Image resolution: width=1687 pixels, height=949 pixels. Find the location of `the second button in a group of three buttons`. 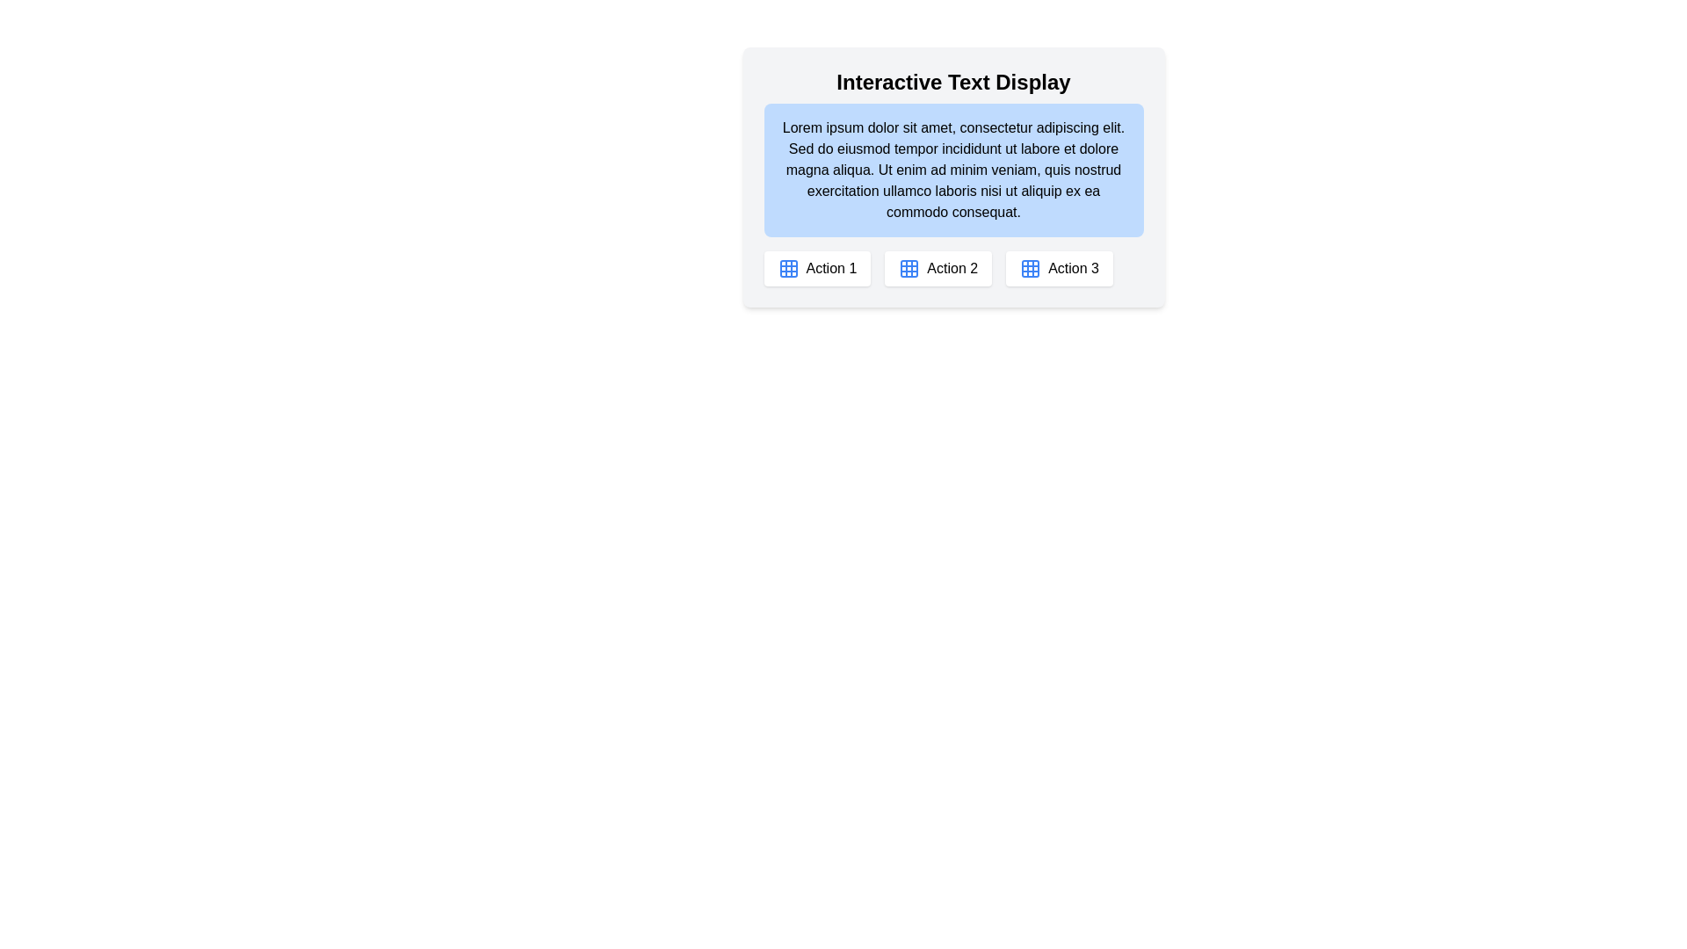

the second button in a group of three buttons is located at coordinates (938, 268).